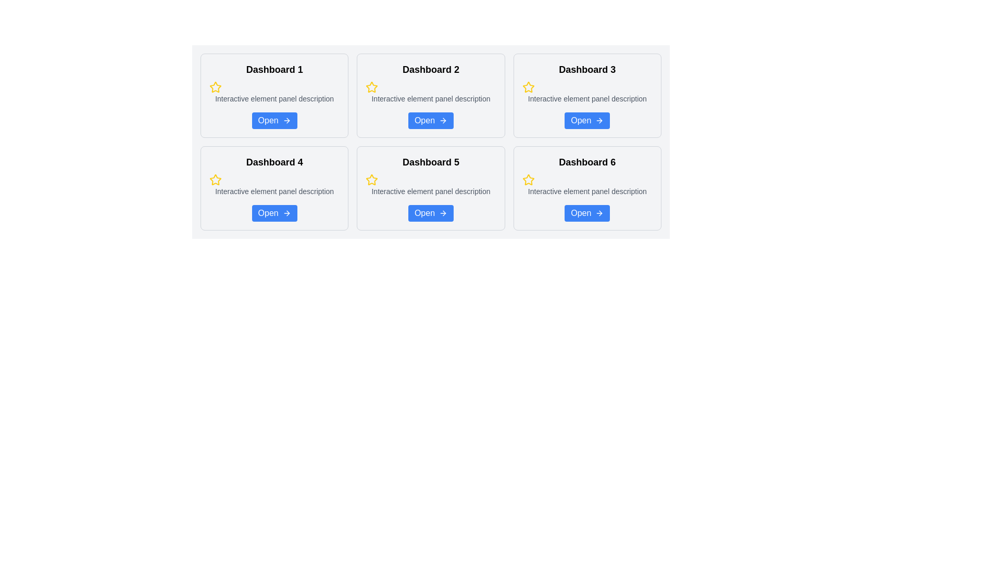 The width and height of the screenshot is (1000, 562). I want to click on the button labeled 'Open' which contains a rightward-pointing arrow icon, located in the third card of the top row, so click(599, 120).